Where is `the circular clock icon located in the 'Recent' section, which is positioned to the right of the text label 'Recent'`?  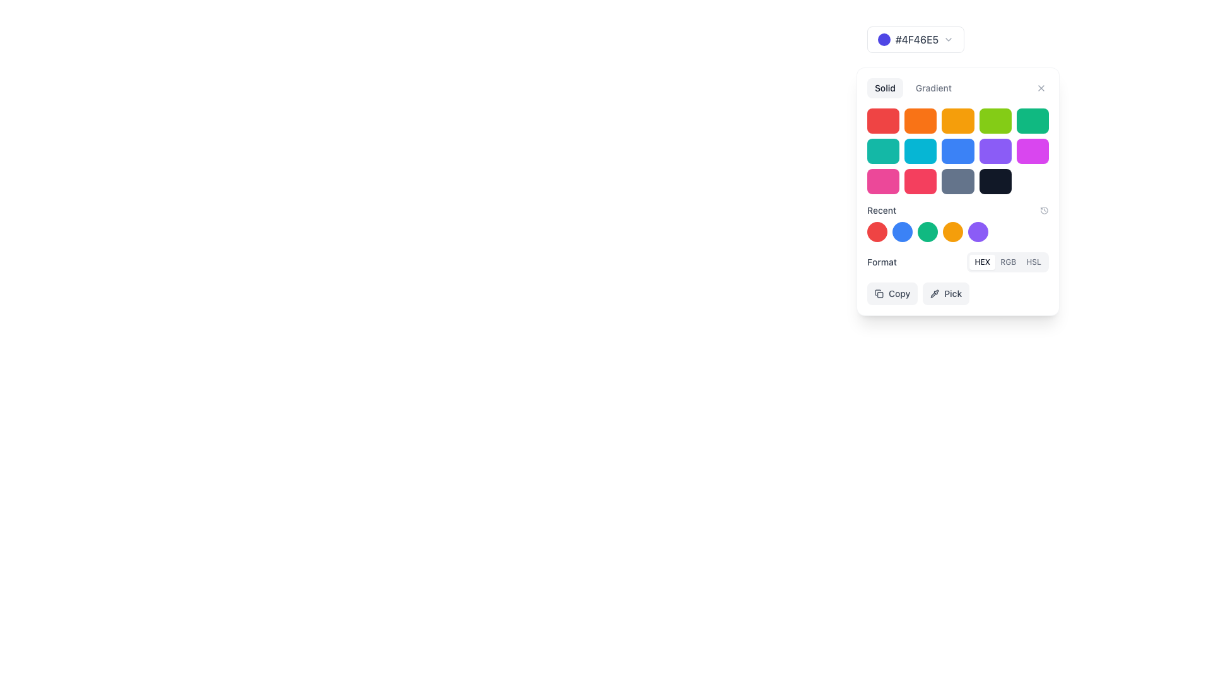
the circular clock icon located in the 'Recent' section, which is positioned to the right of the text label 'Recent' is located at coordinates (1044, 210).